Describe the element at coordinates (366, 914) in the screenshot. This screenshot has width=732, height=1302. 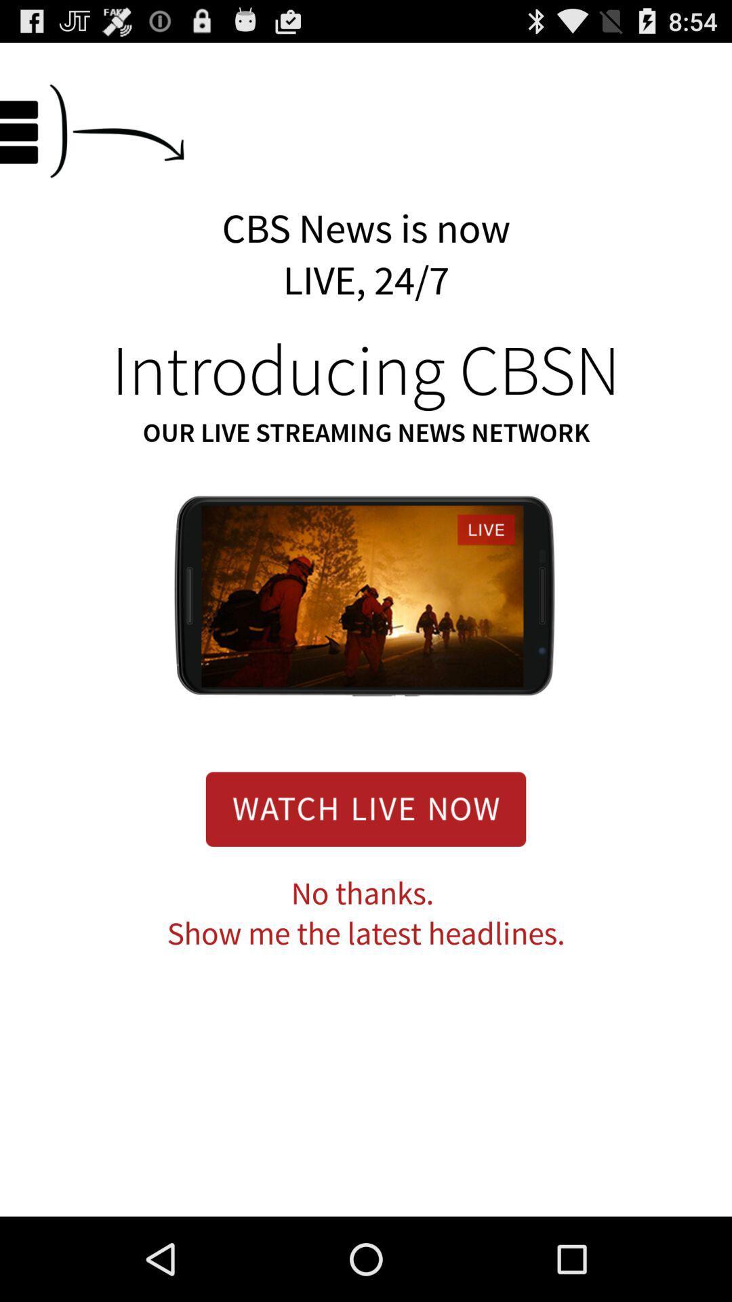
I see `the no thanks show icon` at that location.